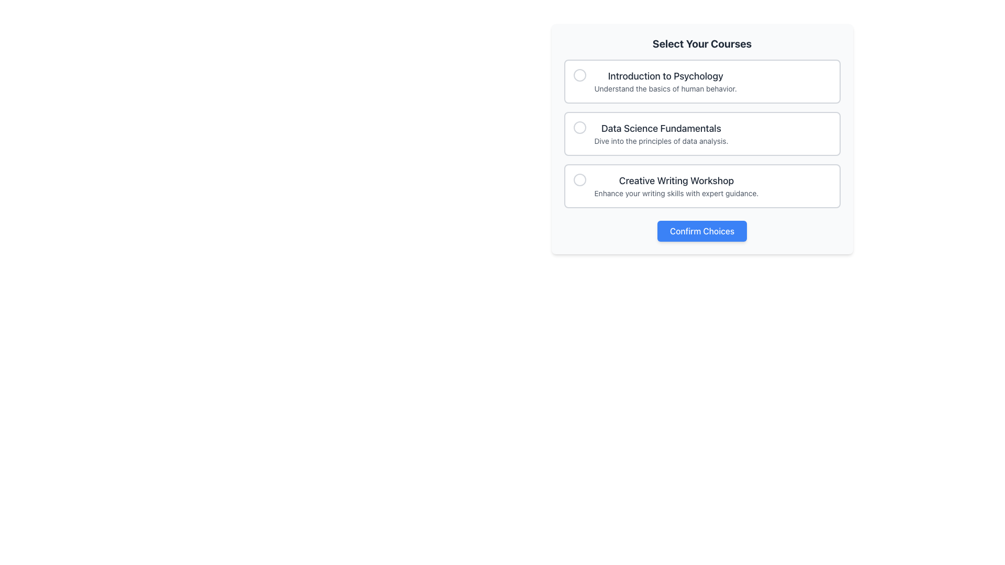 The image size is (1005, 565). What do you see at coordinates (661, 128) in the screenshot?
I see `the Text Display element that serves as the title for one of the course options, located in the second card below the heading 'Select Your Courses'` at bounding box center [661, 128].